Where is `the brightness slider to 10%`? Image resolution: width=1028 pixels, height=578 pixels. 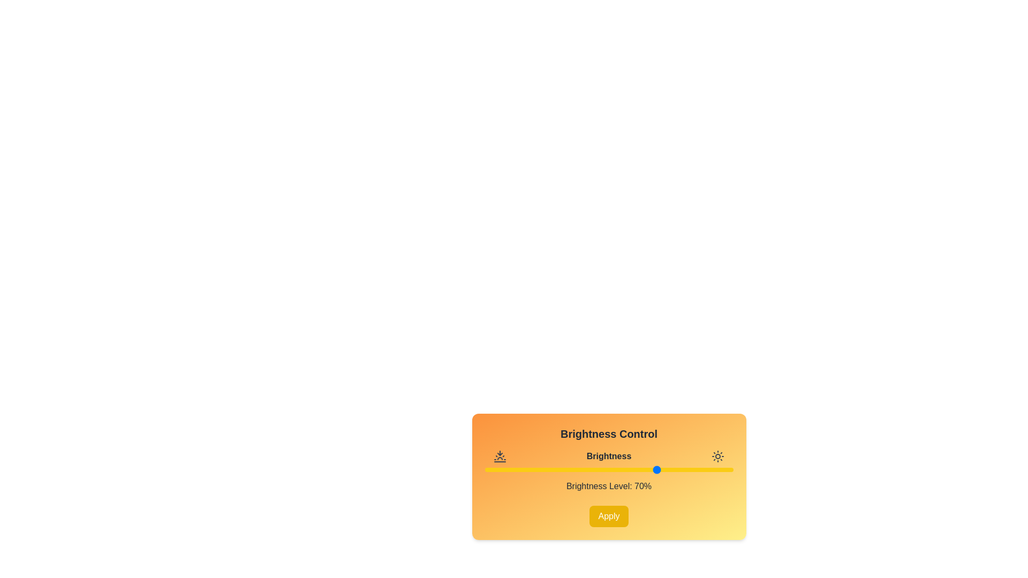
the brightness slider to 10% is located at coordinates (509, 469).